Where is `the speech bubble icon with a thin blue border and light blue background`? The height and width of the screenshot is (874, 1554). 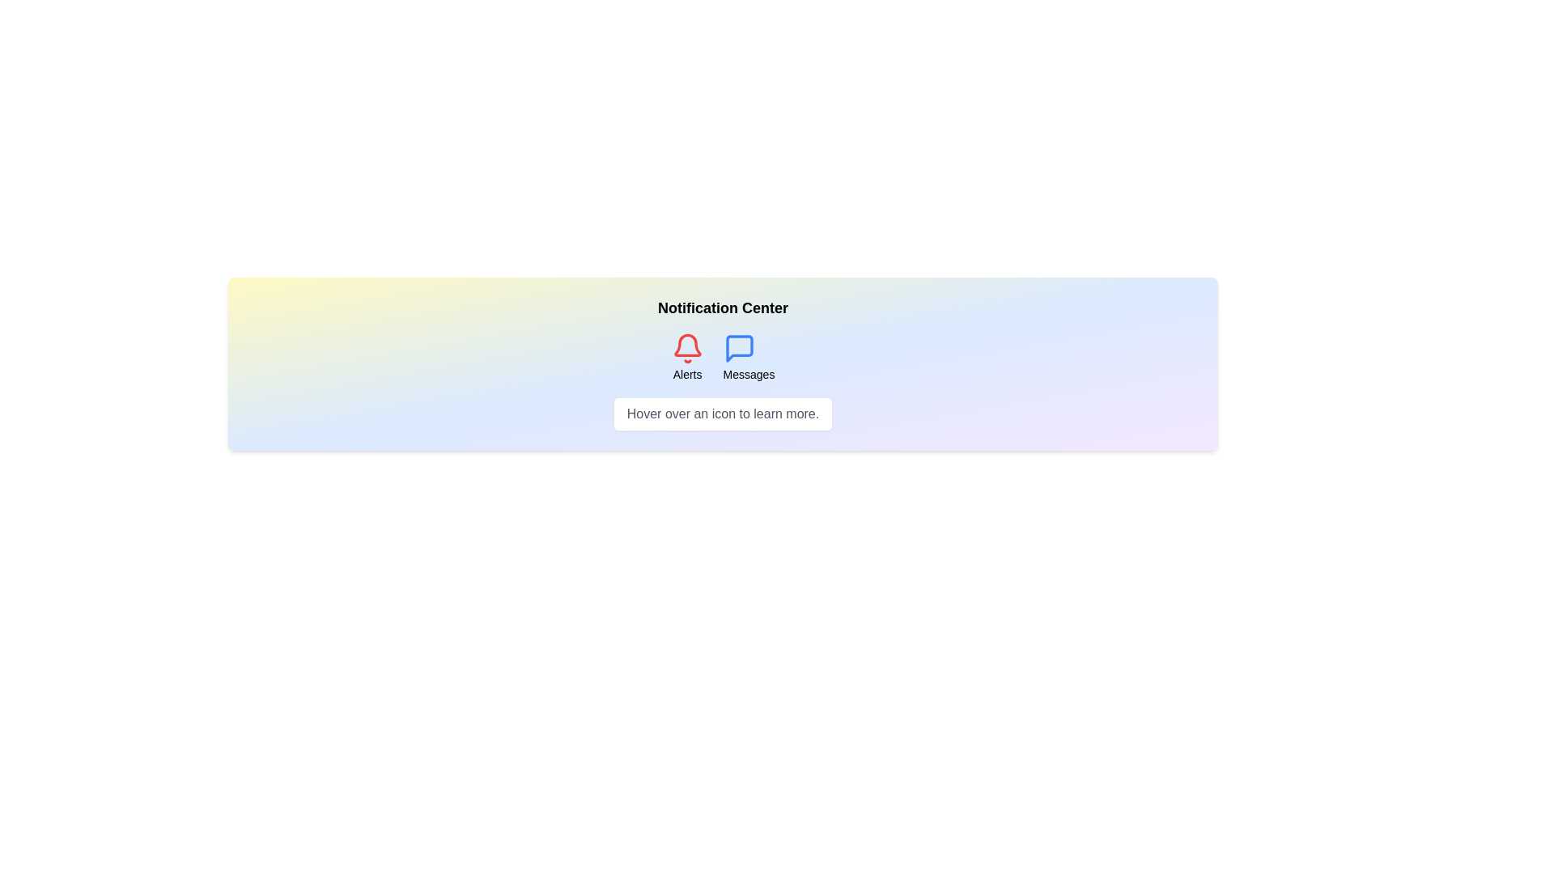
the speech bubble icon with a thin blue border and light blue background is located at coordinates (738, 348).